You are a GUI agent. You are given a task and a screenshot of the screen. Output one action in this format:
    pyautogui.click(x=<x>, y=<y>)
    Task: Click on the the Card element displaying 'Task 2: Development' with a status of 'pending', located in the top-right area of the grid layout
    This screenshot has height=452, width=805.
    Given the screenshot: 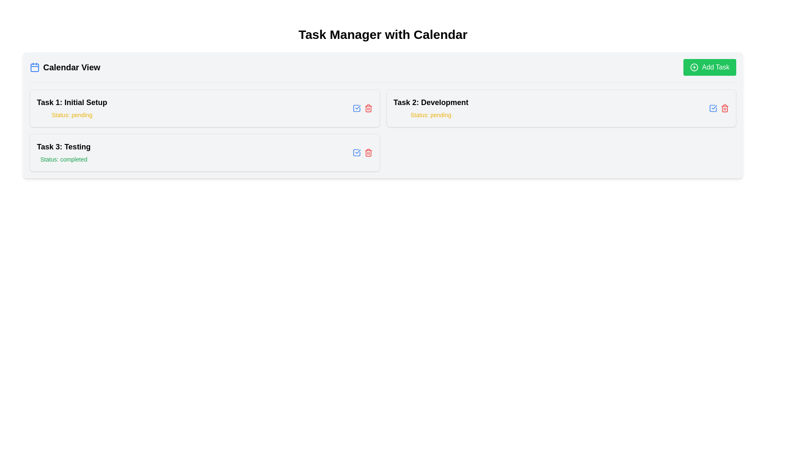 What is the action you would take?
    pyautogui.click(x=561, y=108)
    